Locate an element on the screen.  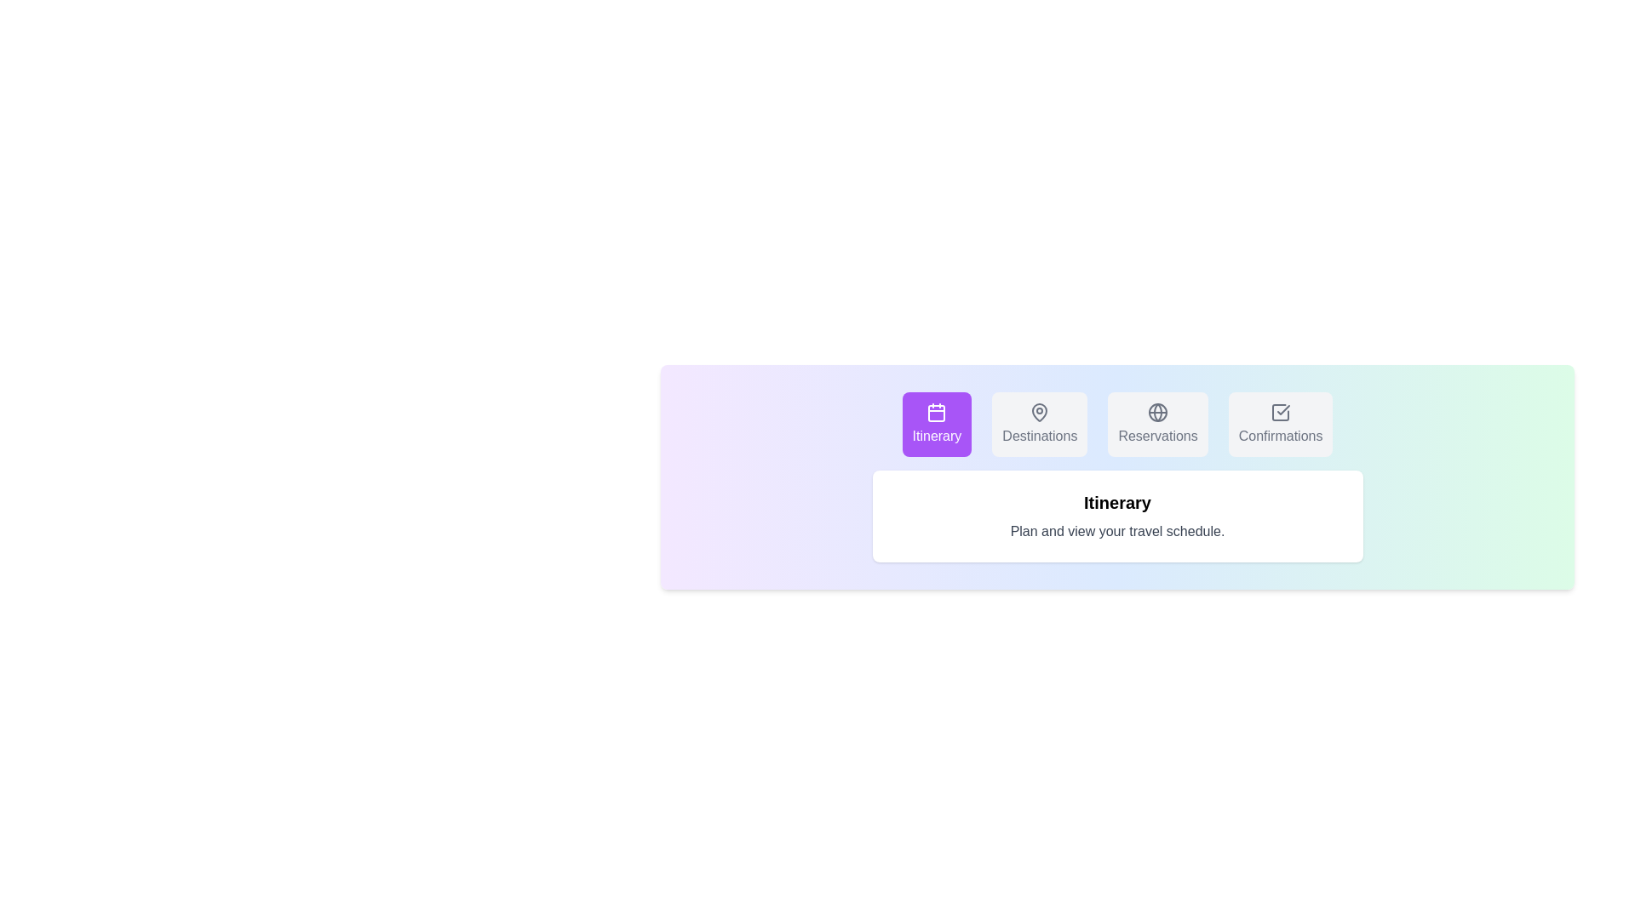
the Reservations tab to switch views is located at coordinates (1158, 423).